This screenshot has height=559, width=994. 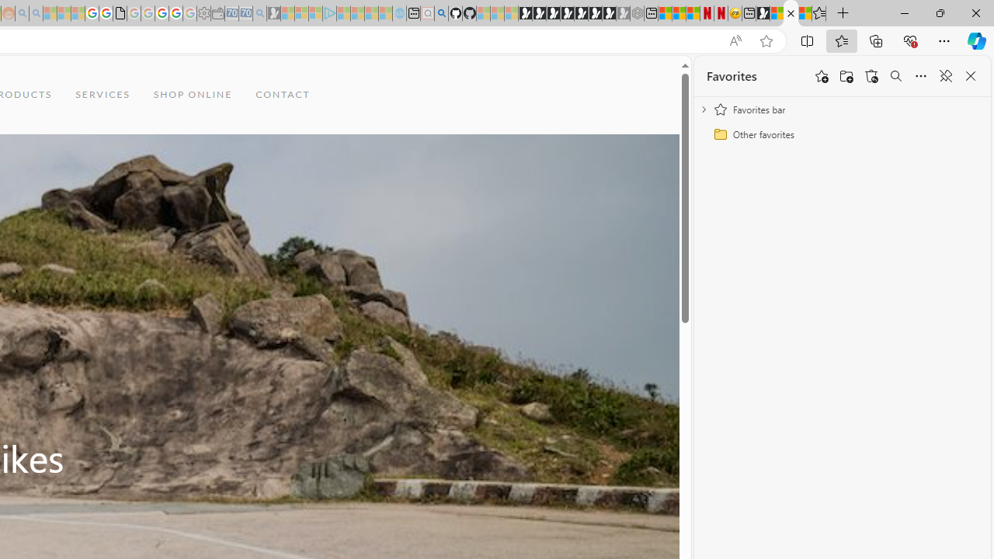 What do you see at coordinates (283, 95) in the screenshot?
I see `'CONTACT'` at bounding box center [283, 95].